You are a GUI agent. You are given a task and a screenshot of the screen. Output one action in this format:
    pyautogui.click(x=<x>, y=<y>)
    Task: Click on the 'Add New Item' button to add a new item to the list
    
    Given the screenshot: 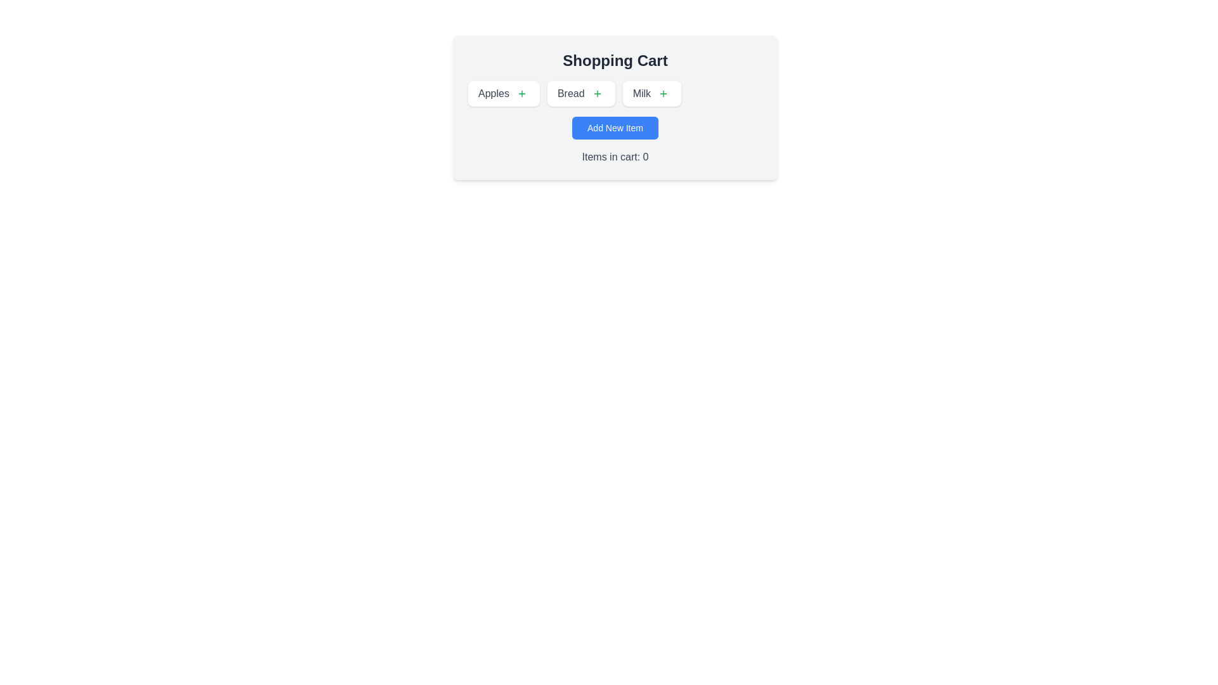 What is the action you would take?
    pyautogui.click(x=615, y=127)
    